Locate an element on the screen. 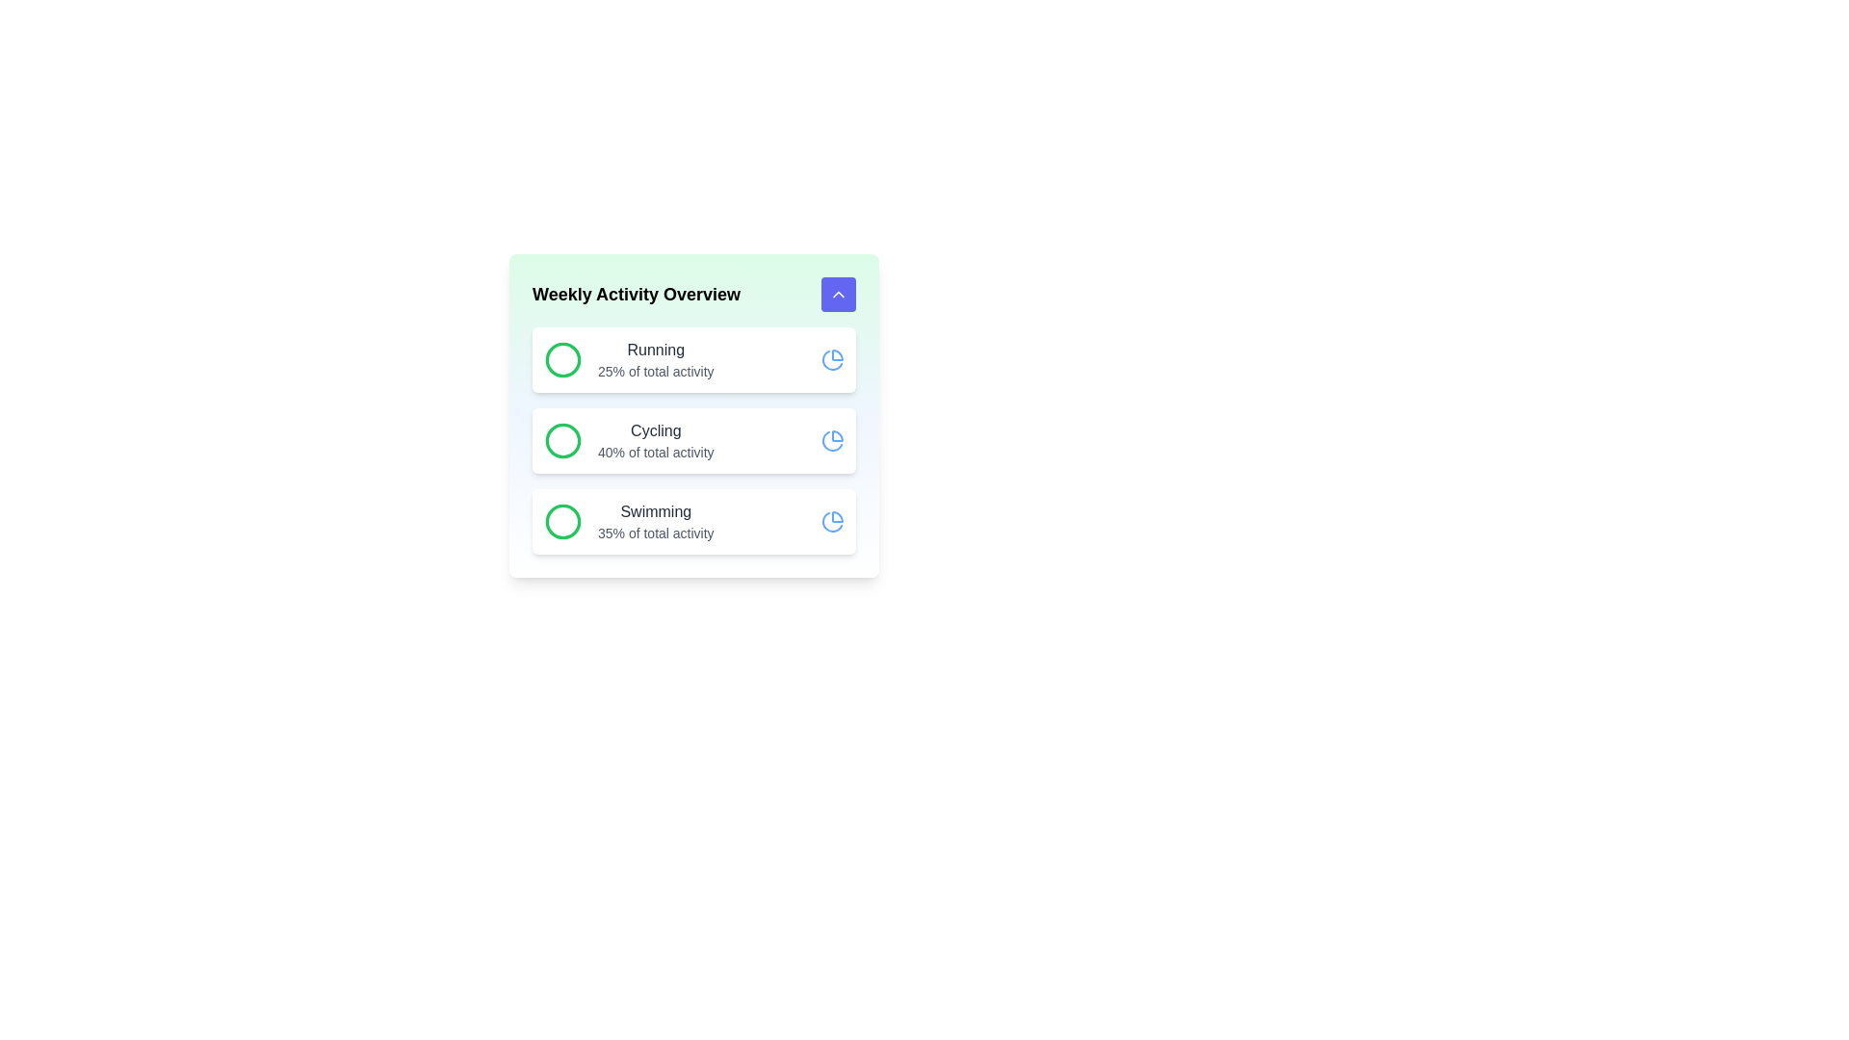 The height and width of the screenshot is (1040, 1849). the static text block that describes the activity 'Cycling' and its percentage of total activity, located centrally within the second card in a vertically stacked group of three cards is located at coordinates (656, 441).